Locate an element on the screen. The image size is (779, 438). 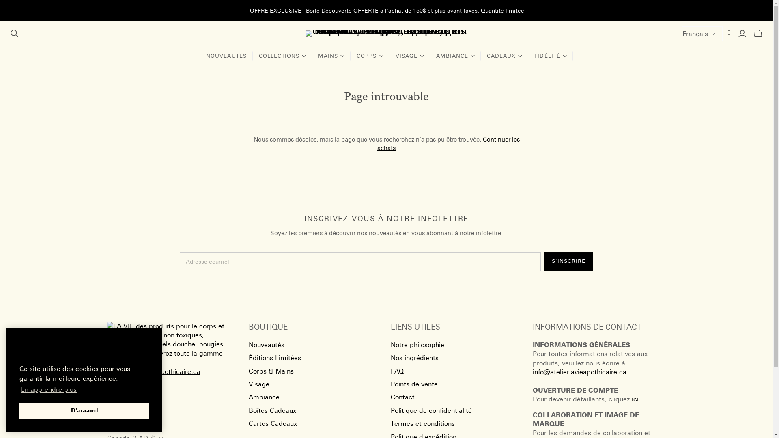
'Continuer les achats' is located at coordinates (448, 143).